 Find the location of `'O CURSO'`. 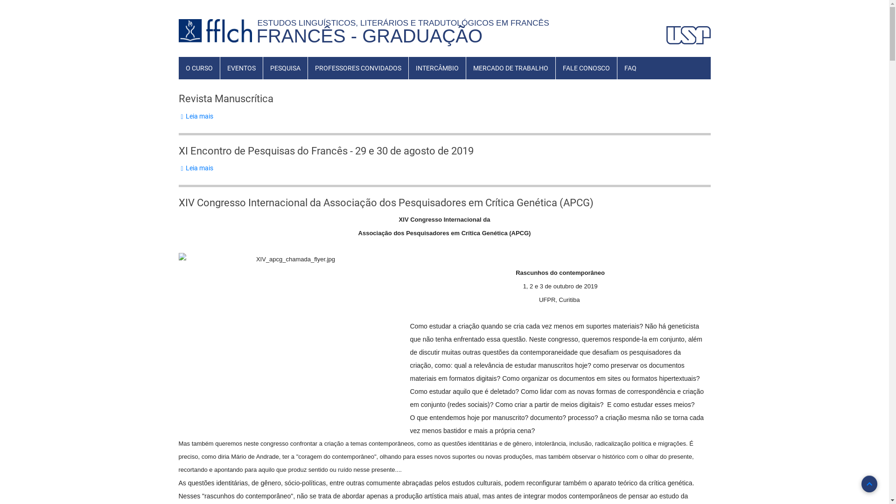

'O CURSO' is located at coordinates (198, 68).